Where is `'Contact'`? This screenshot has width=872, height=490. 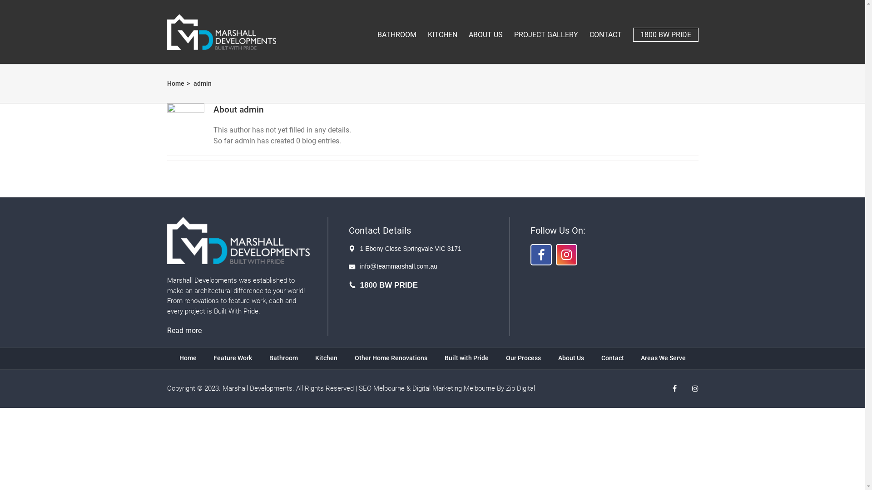
'Contact' is located at coordinates (612, 358).